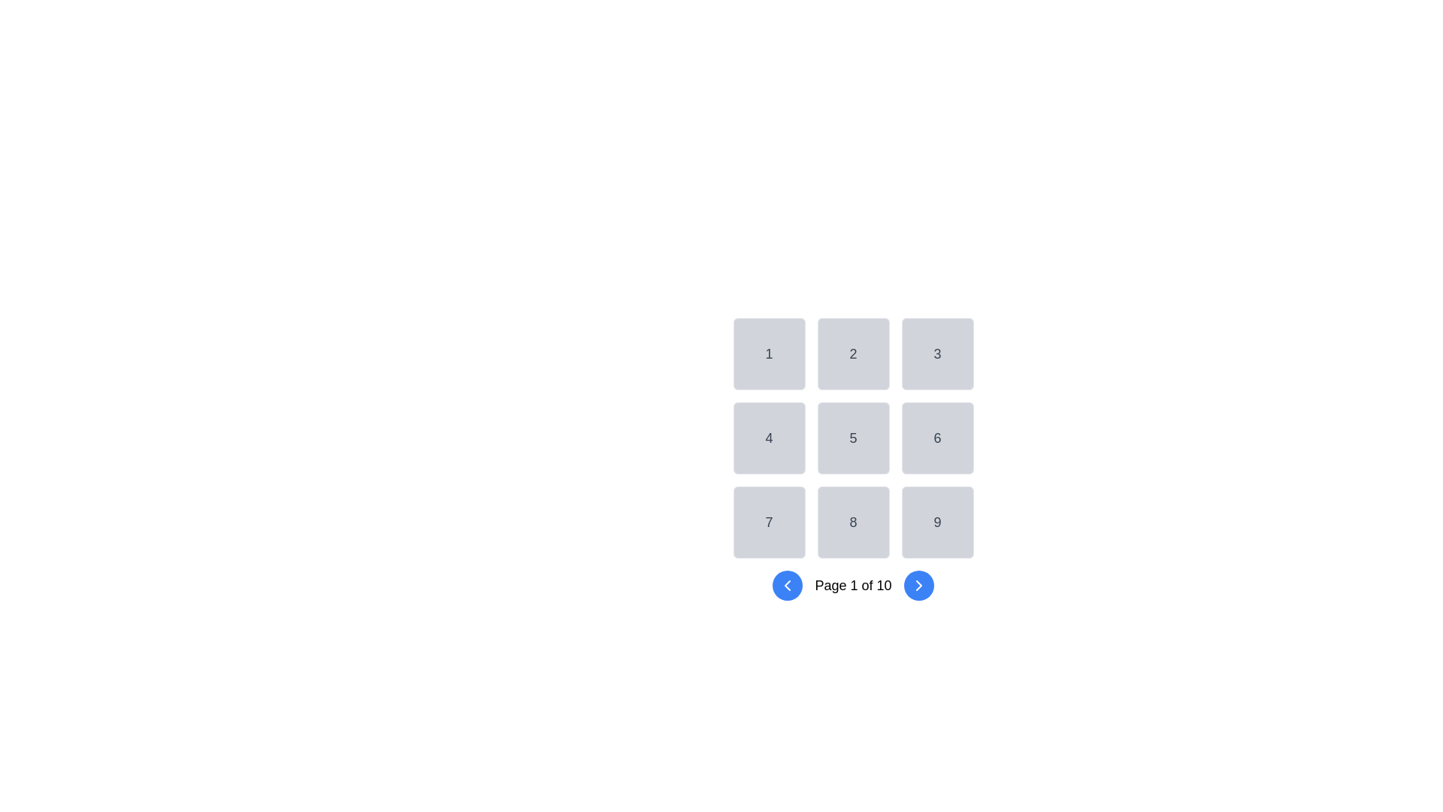 This screenshot has width=1443, height=812. Describe the element at coordinates (918, 585) in the screenshot. I see `the chevron icon located` at that location.